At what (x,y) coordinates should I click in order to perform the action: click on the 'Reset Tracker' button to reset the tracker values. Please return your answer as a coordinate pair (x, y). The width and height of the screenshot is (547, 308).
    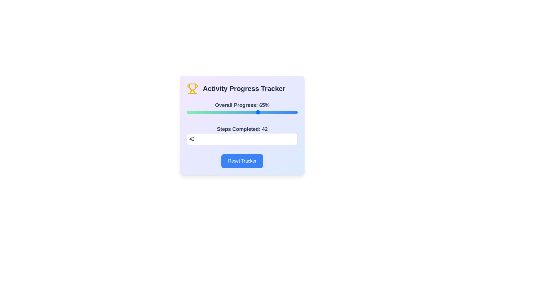
    Looking at the image, I should click on (242, 161).